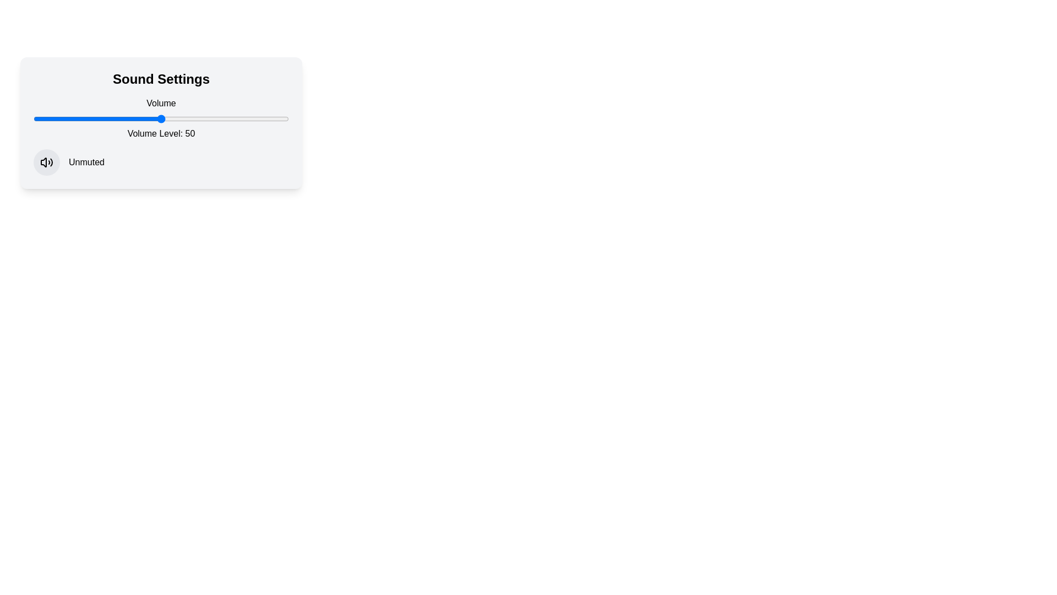 This screenshot has height=595, width=1057. I want to click on the volume, so click(232, 119).